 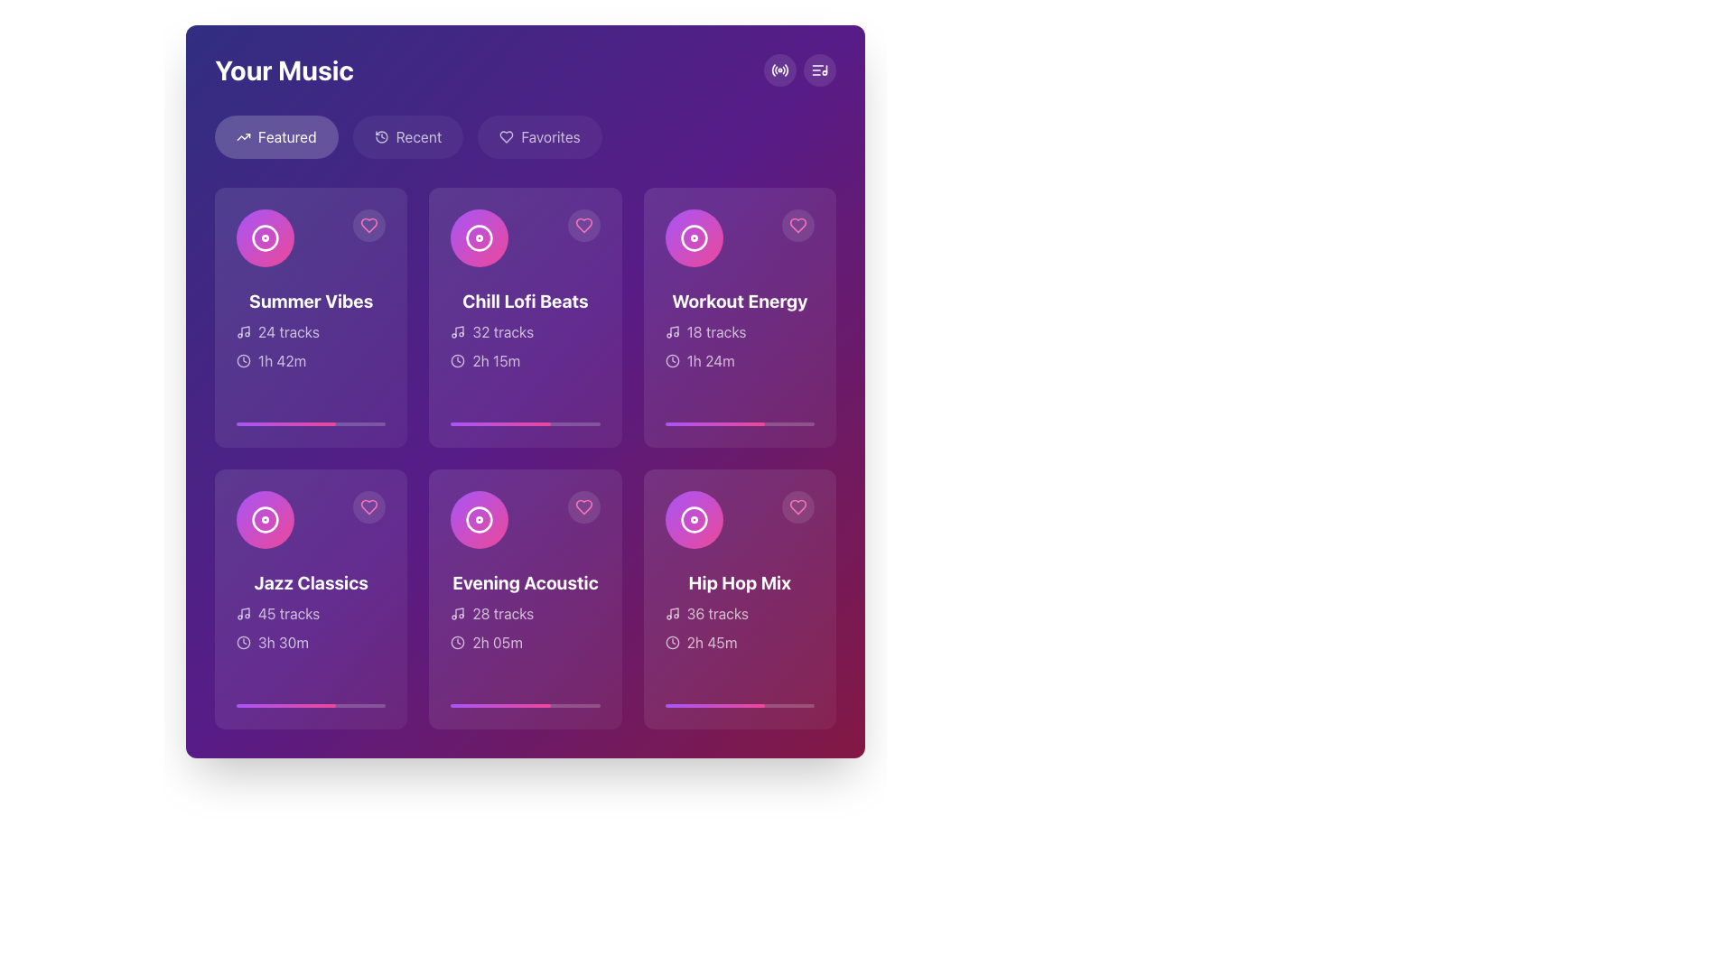 I want to click on the favorite toggle button located in the upper-right section of the 'Chill Lofi Beats' card to activate the hover effect, so click(x=583, y=225).